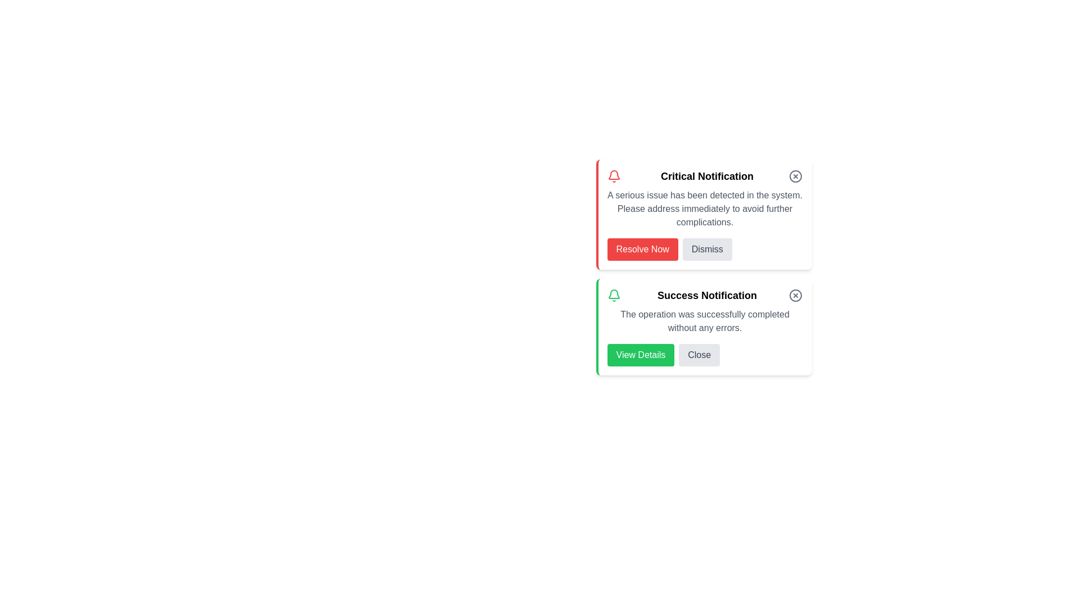 This screenshot has height=607, width=1079. Describe the element at coordinates (706, 248) in the screenshot. I see `the 'Dismiss' button with a gray background and rounded corners` at that location.